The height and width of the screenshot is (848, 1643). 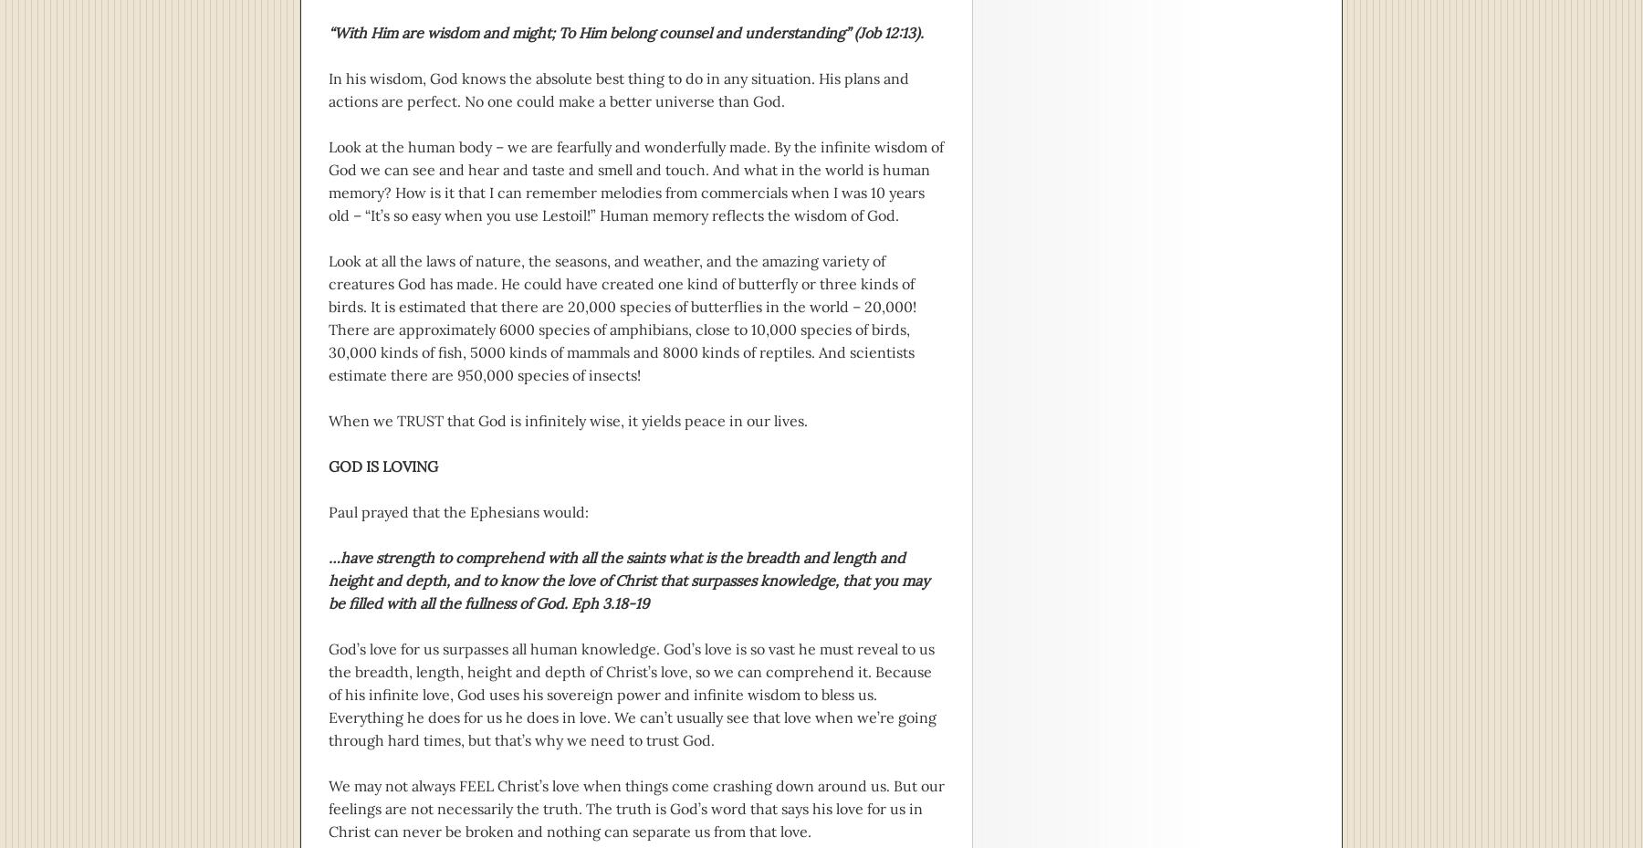 What do you see at coordinates (624, 32) in the screenshot?
I see `'“With Him are wisdom and might; To Him belong counsel and understanding” (Job 12:13).'` at bounding box center [624, 32].